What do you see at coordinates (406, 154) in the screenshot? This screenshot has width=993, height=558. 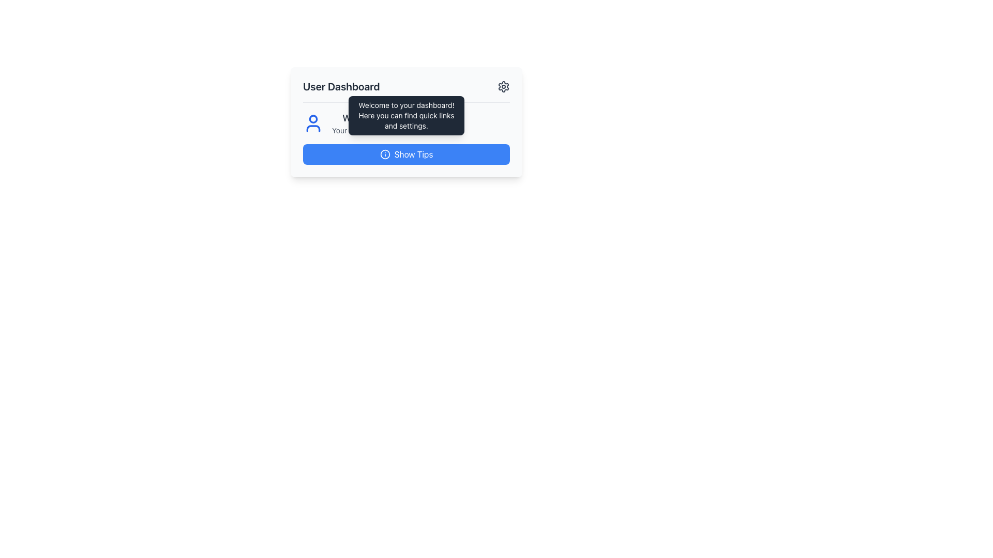 I see `the blue rectangular button labeled 'Show Tips' in the footer of the 'User Dashboard'` at bounding box center [406, 154].